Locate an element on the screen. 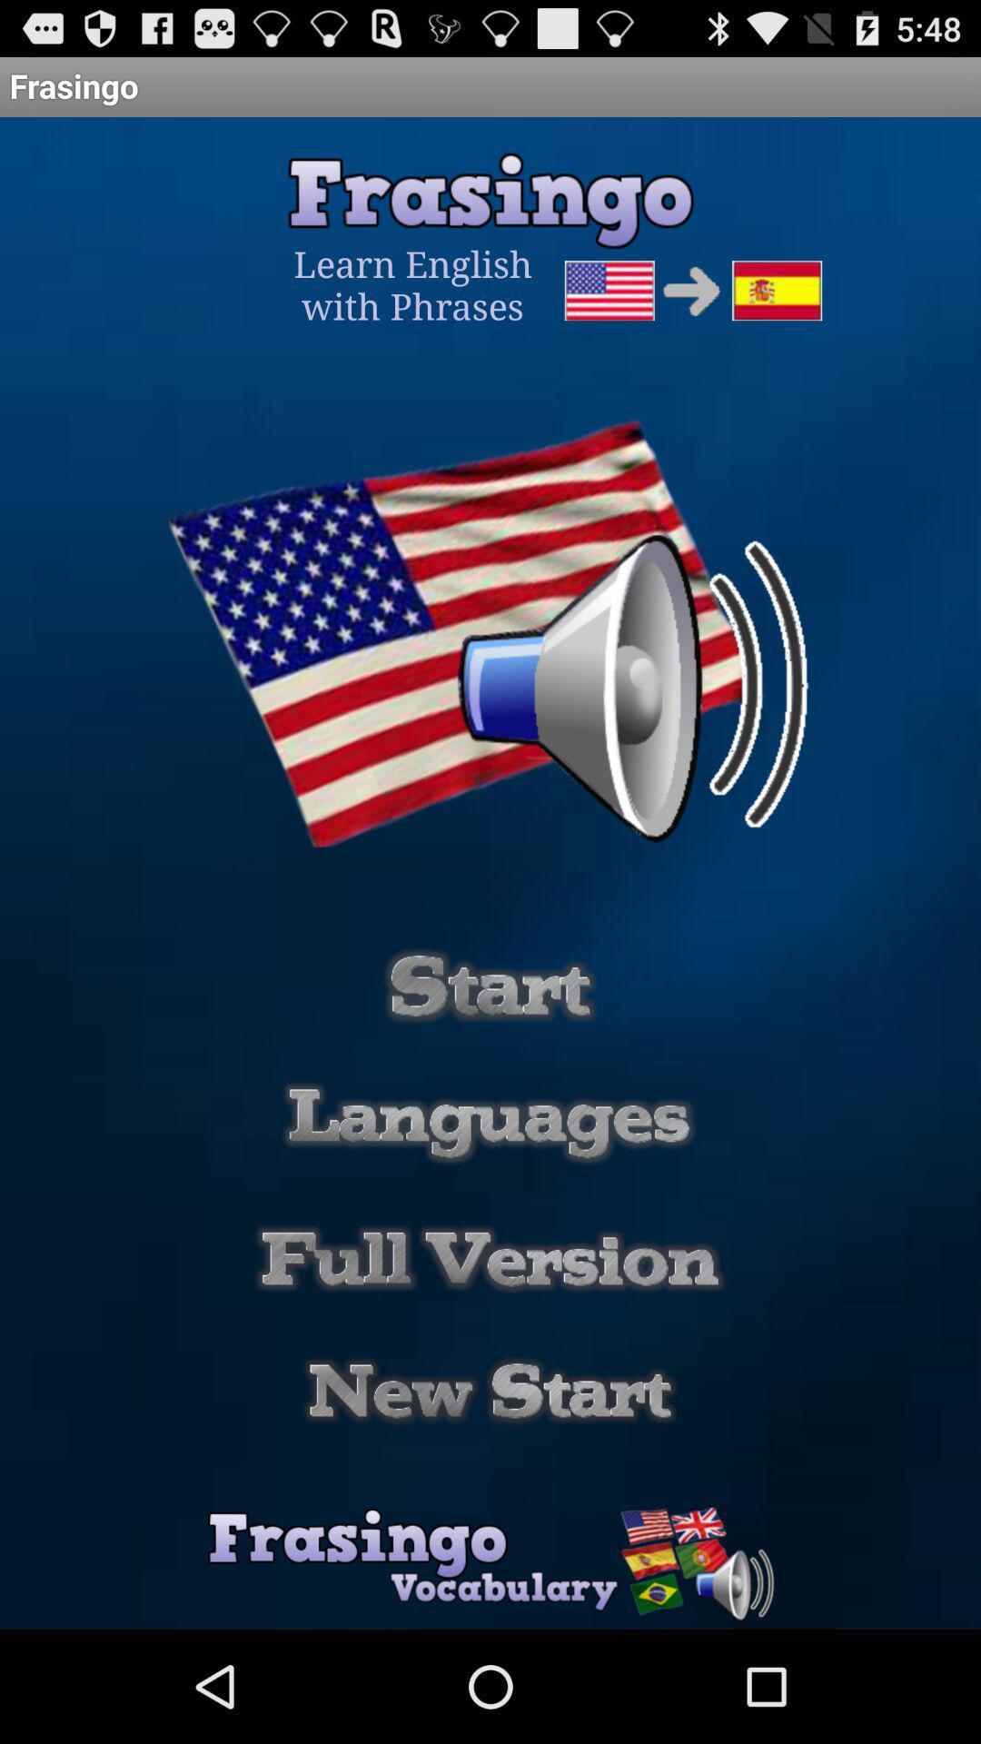 The width and height of the screenshot is (981, 1744). the button below languages is located at coordinates (490, 1258).